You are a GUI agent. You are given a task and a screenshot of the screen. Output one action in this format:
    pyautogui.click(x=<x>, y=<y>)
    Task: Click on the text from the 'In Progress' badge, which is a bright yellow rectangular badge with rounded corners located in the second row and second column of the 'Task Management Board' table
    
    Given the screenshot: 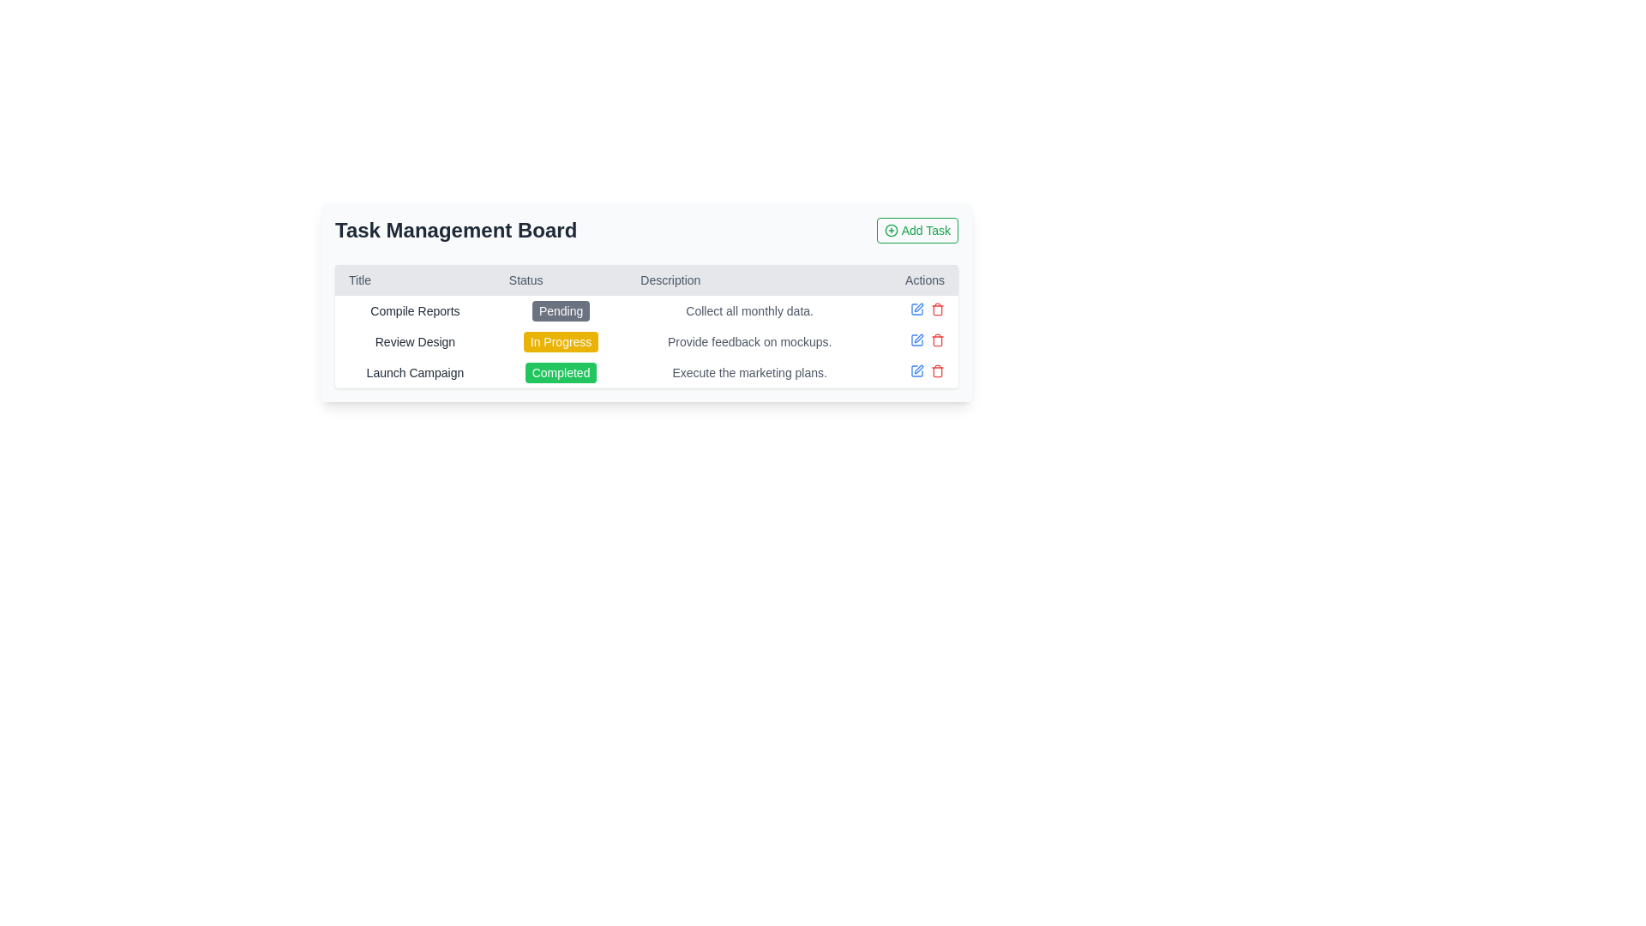 What is the action you would take?
    pyautogui.click(x=561, y=341)
    